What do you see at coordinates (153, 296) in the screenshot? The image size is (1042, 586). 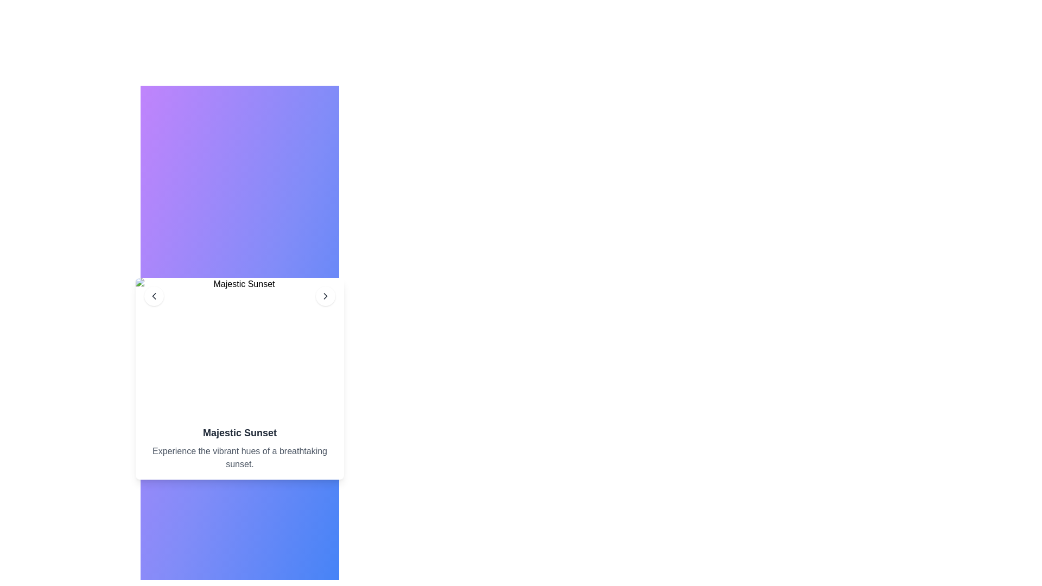 I see `the left-pointing chevron arrow icon with a gray circular background, located to the left of the 'Majestic Sunset' title text in the card header` at bounding box center [153, 296].